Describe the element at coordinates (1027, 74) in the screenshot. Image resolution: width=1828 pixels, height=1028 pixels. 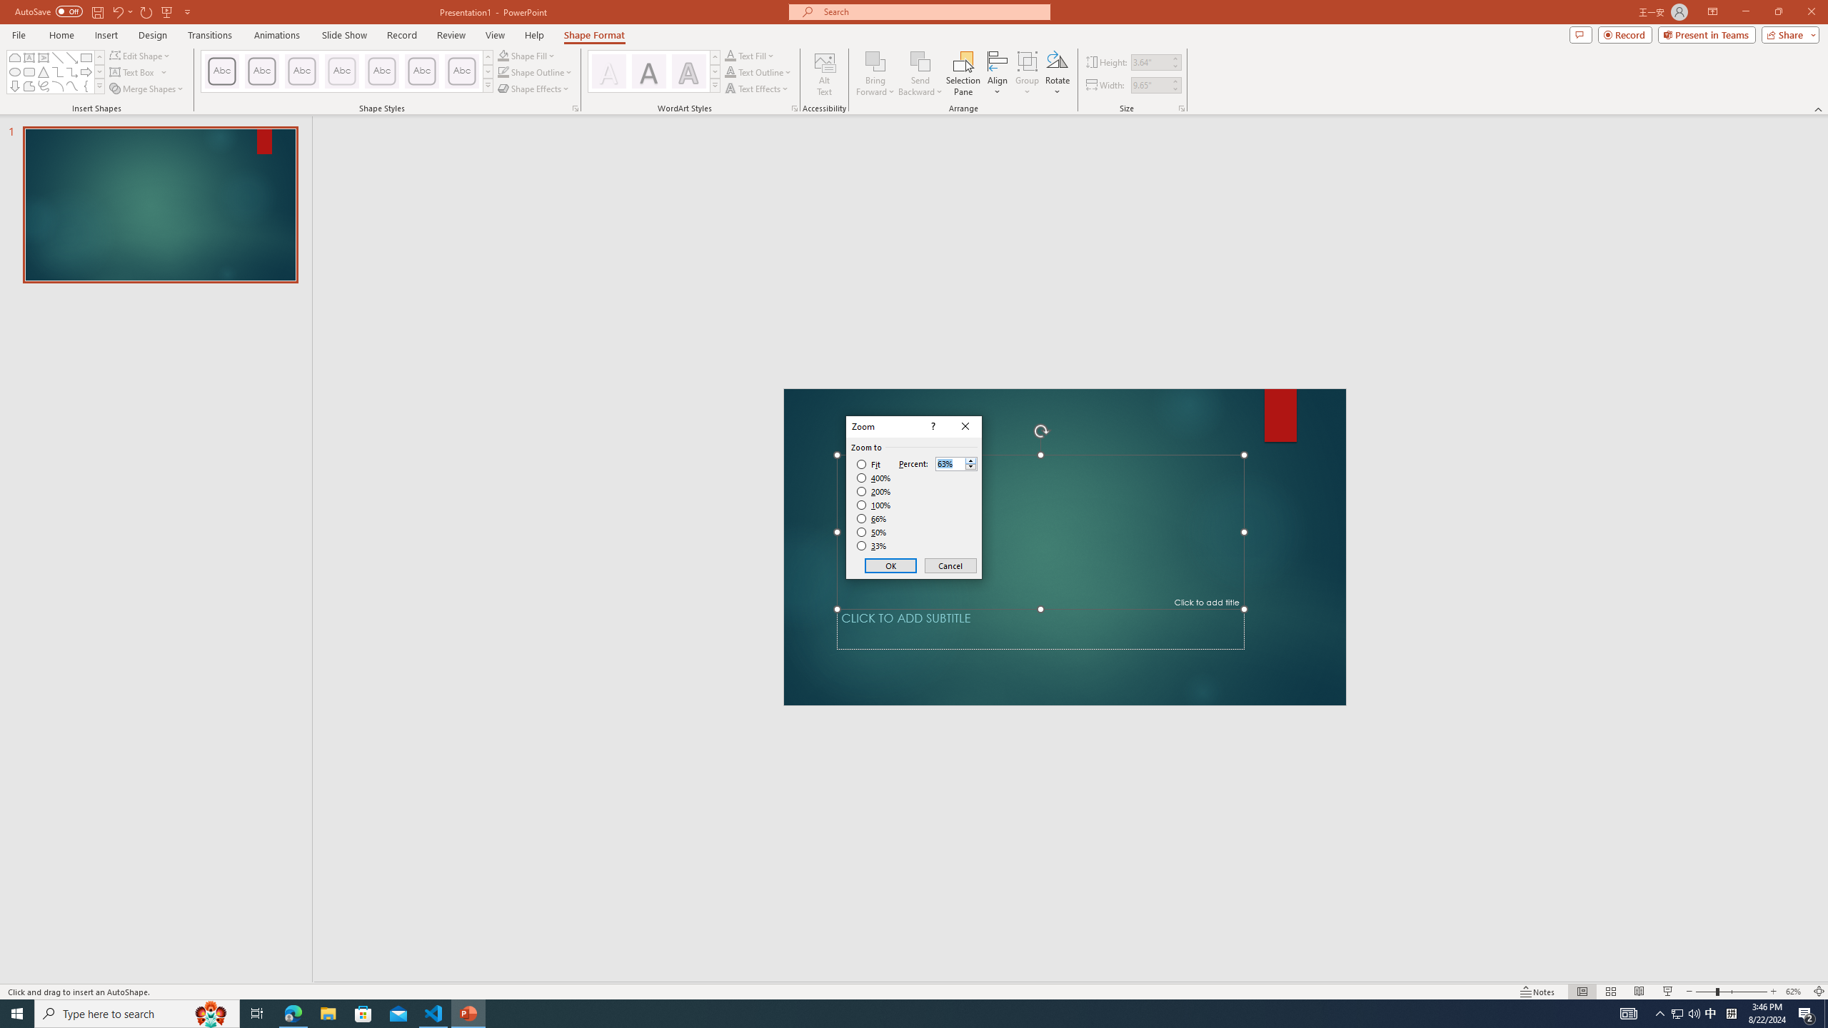
I see `'Group'` at that location.